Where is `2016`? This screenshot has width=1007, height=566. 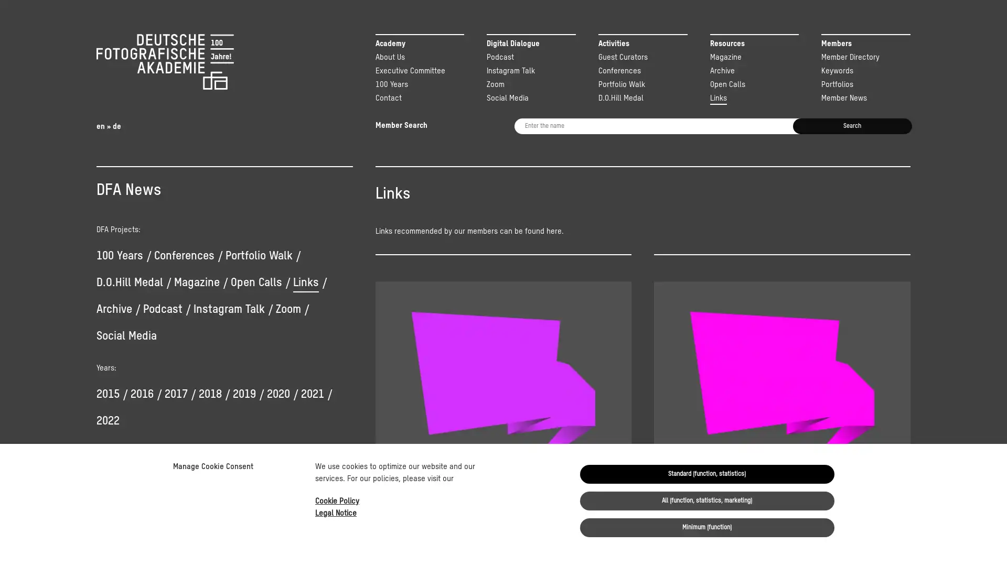
2016 is located at coordinates (141, 394).